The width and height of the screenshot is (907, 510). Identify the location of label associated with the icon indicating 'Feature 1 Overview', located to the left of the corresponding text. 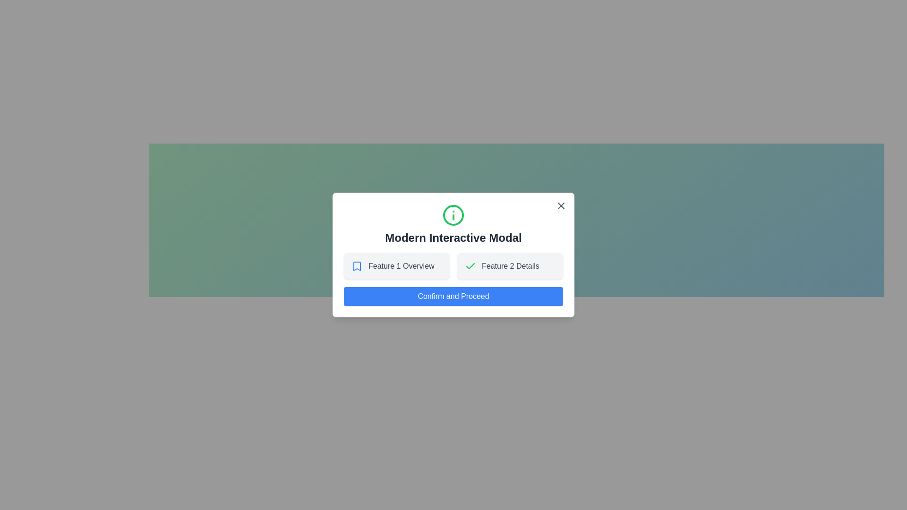
(356, 266).